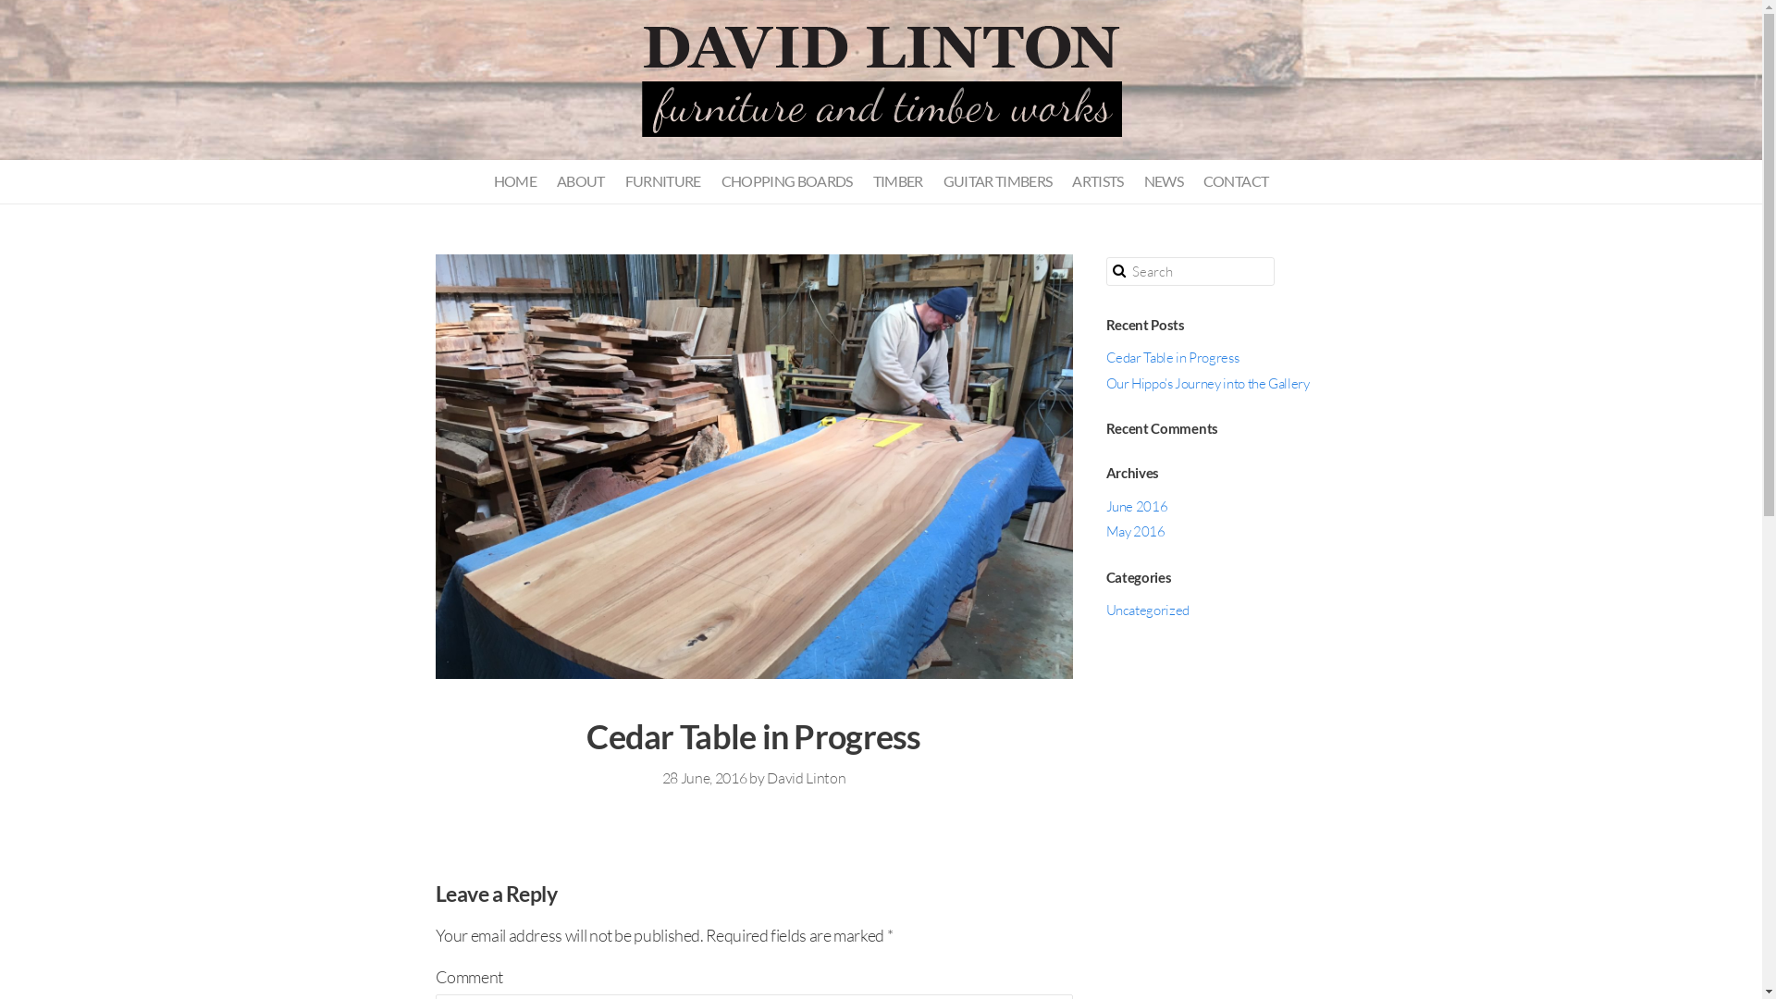 The height and width of the screenshot is (999, 1776). Describe the element at coordinates (579, 181) in the screenshot. I see `'ABOUT'` at that location.